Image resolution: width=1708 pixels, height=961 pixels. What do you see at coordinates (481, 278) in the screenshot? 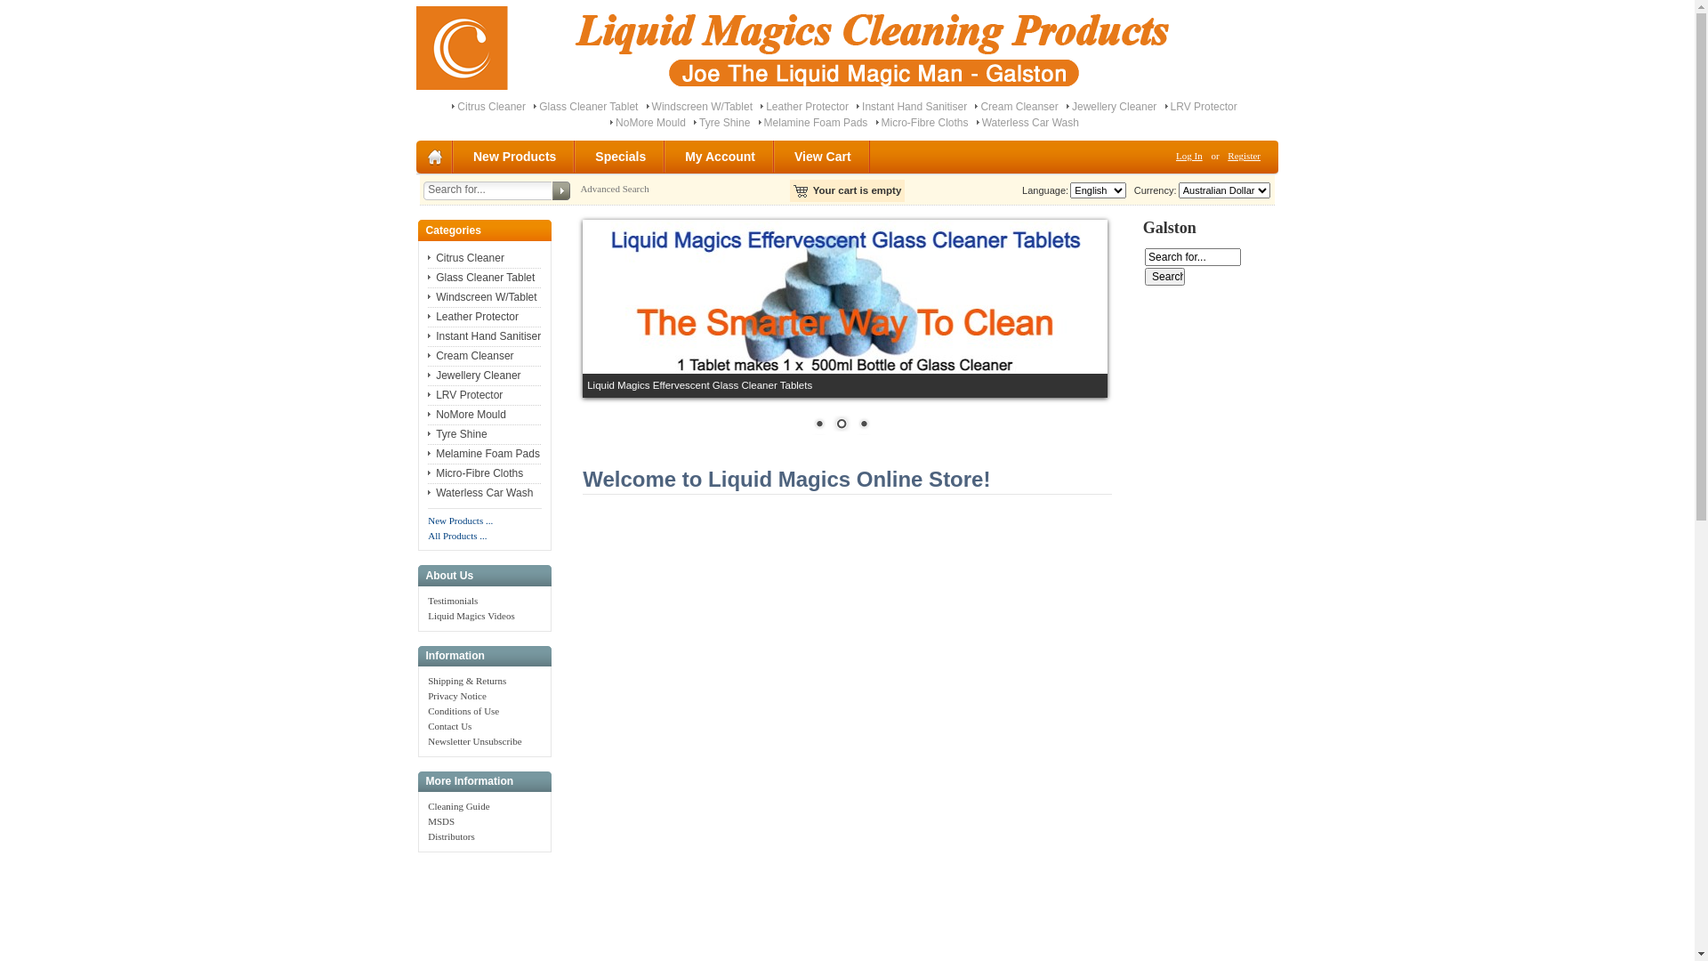
I see `'Glass Cleaner Tablet'` at bounding box center [481, 278].